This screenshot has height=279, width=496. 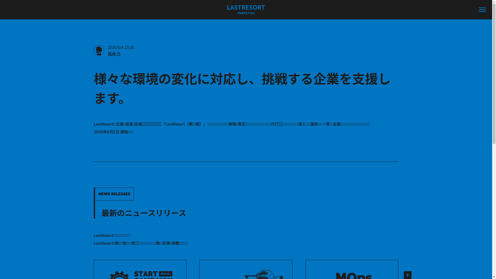 I want to click on 'menu', so click(x=482, y=10).